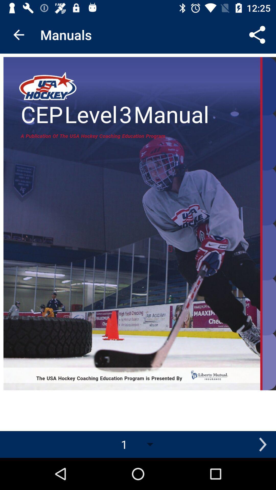  Describe the element at coordinates (262, 444) in the screenshot. I see `the arrow_forward icon` at that location.